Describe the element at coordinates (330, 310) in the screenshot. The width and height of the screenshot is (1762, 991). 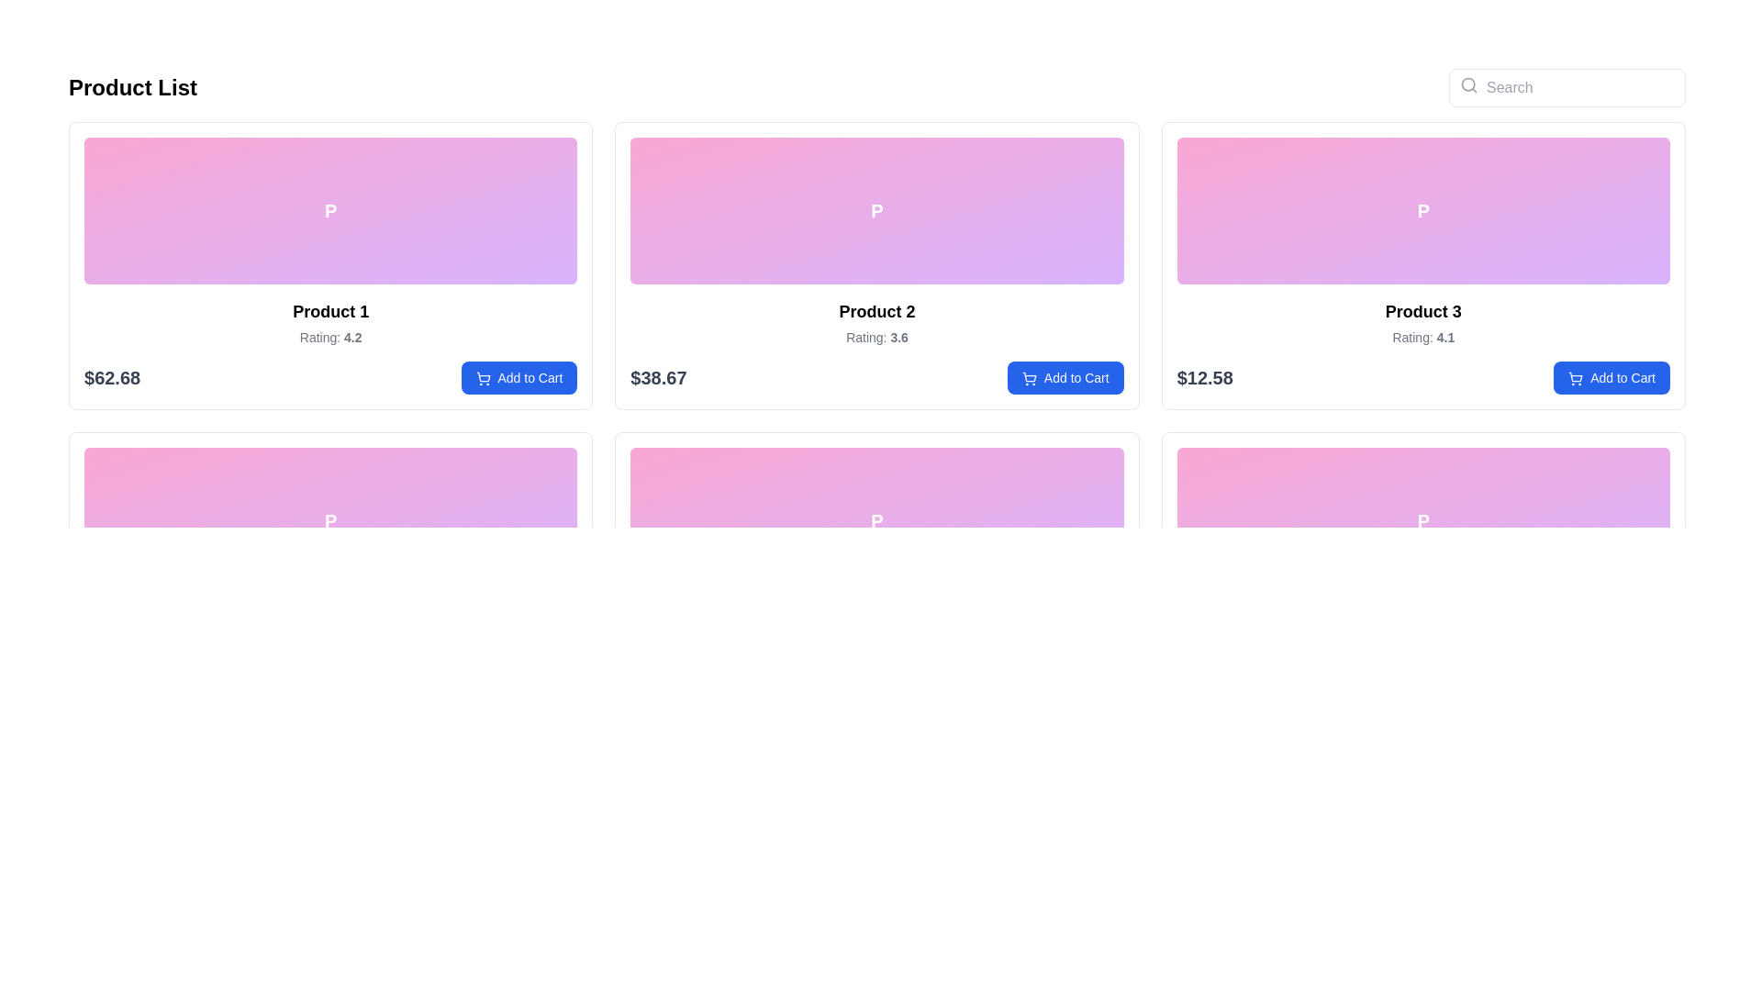
I see `product title text label located in the first column of the first row of the product grid, positioned below the image and above the rating information` at that location.